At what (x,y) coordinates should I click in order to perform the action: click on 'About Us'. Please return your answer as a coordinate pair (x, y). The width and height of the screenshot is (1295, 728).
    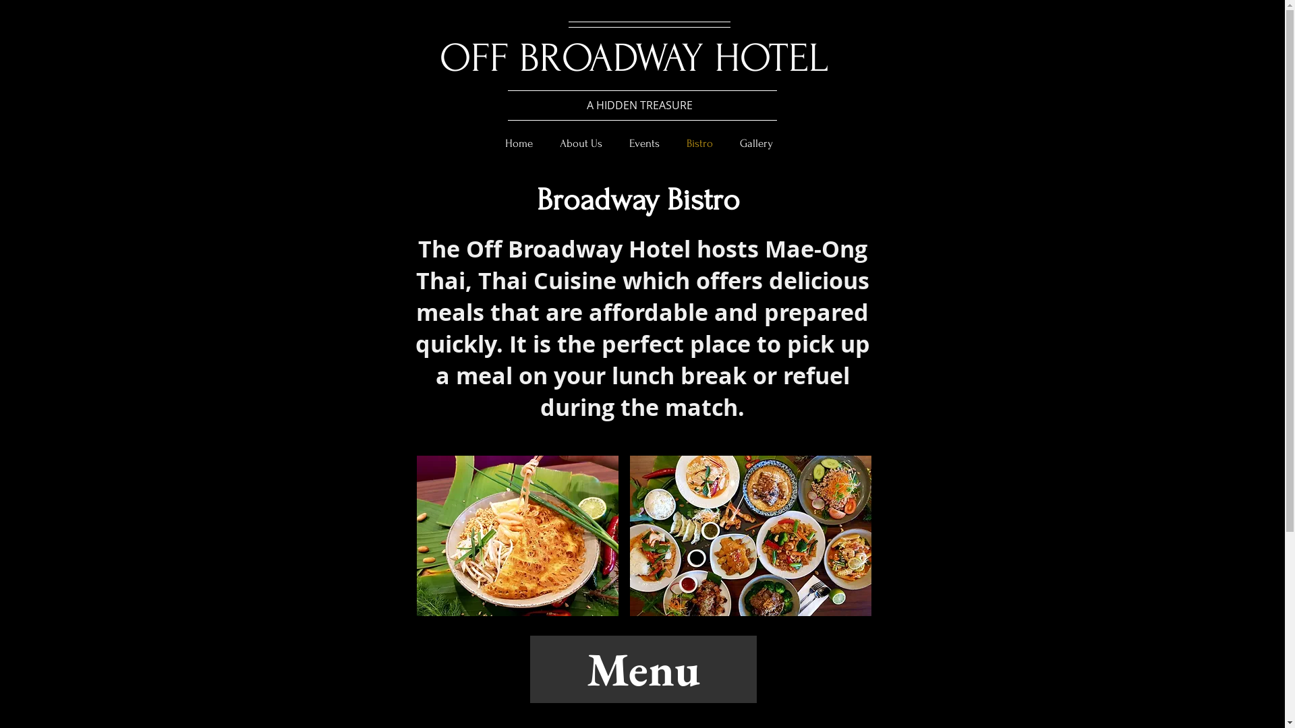
    Looking at the image, I should click on (581, 143).